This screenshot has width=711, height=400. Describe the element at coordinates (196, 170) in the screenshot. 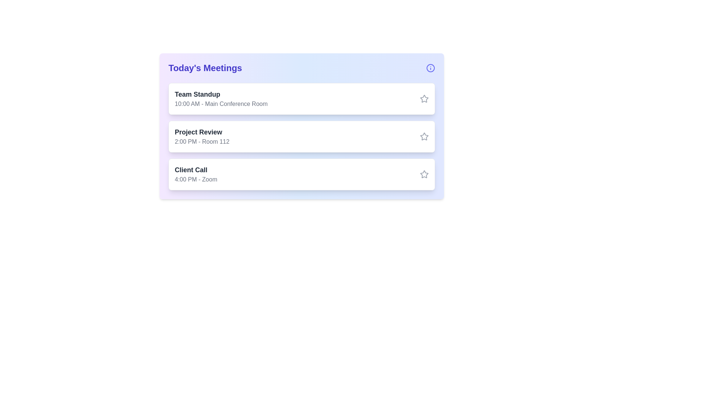

I see `the 'Client Call' text label, which is displayed in bold, large dark gray font on a white background, positioned within the third card of 'Today's Meetings'` at that location.